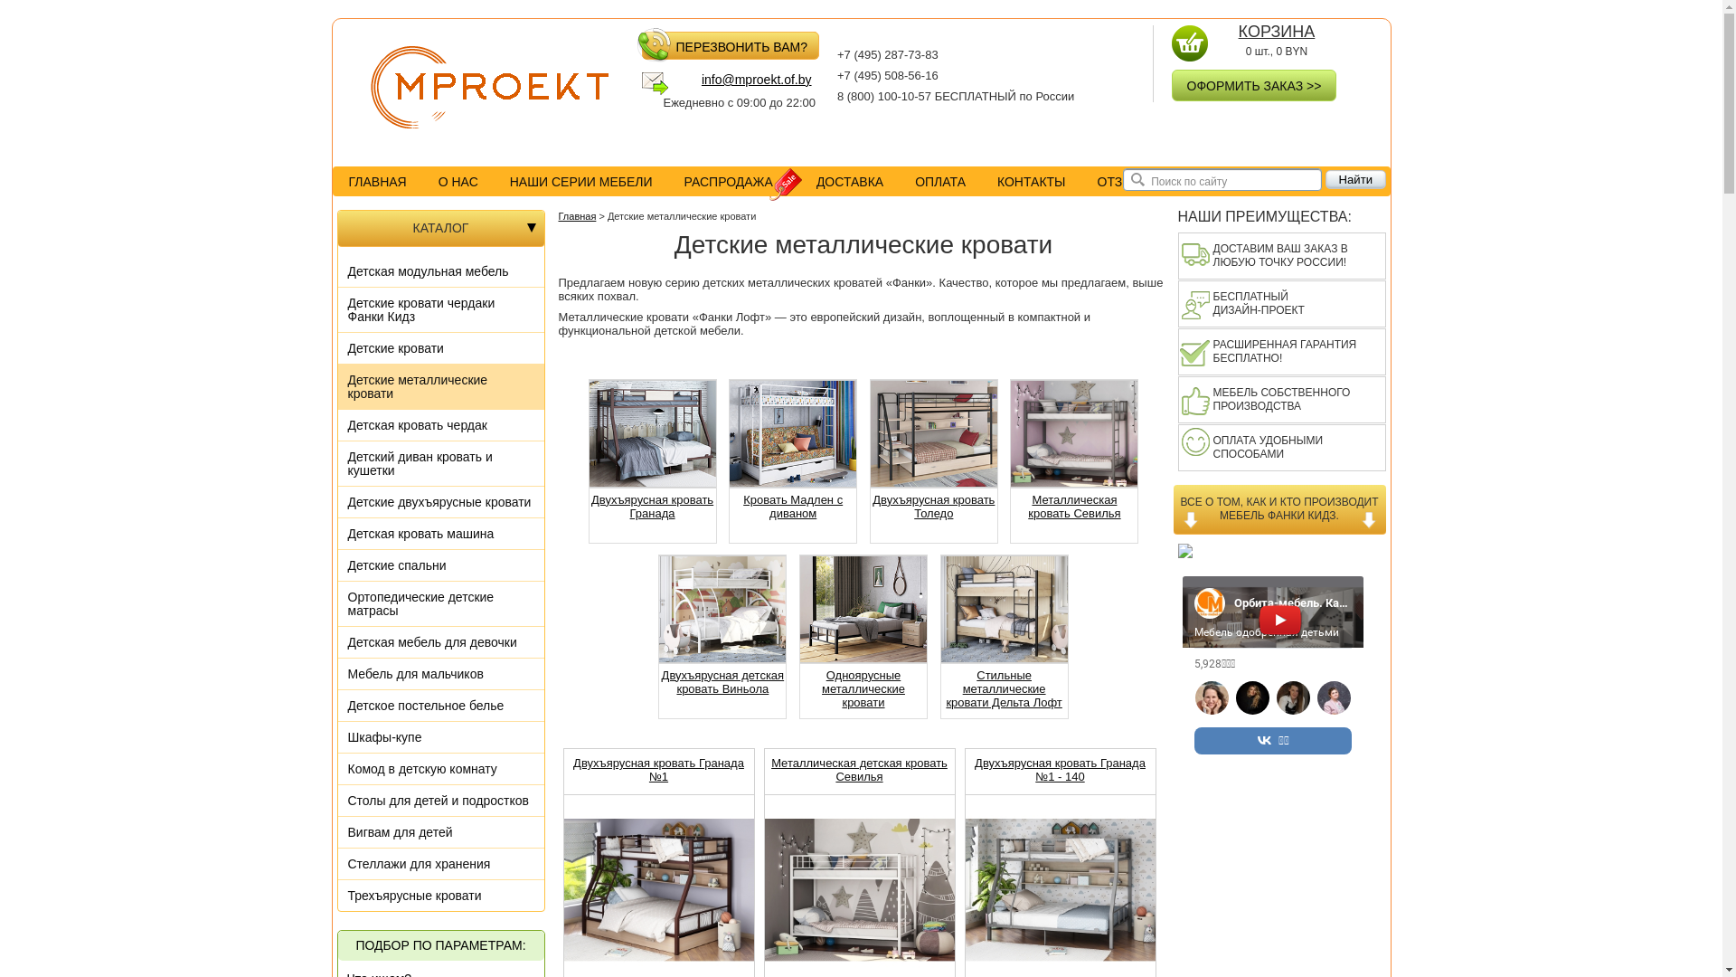 This screenshot has width=1736, height=977. Describe the element at coordinates (739, 83) in the screenshot. I see `'info@mproekt.of.by'` at that location.